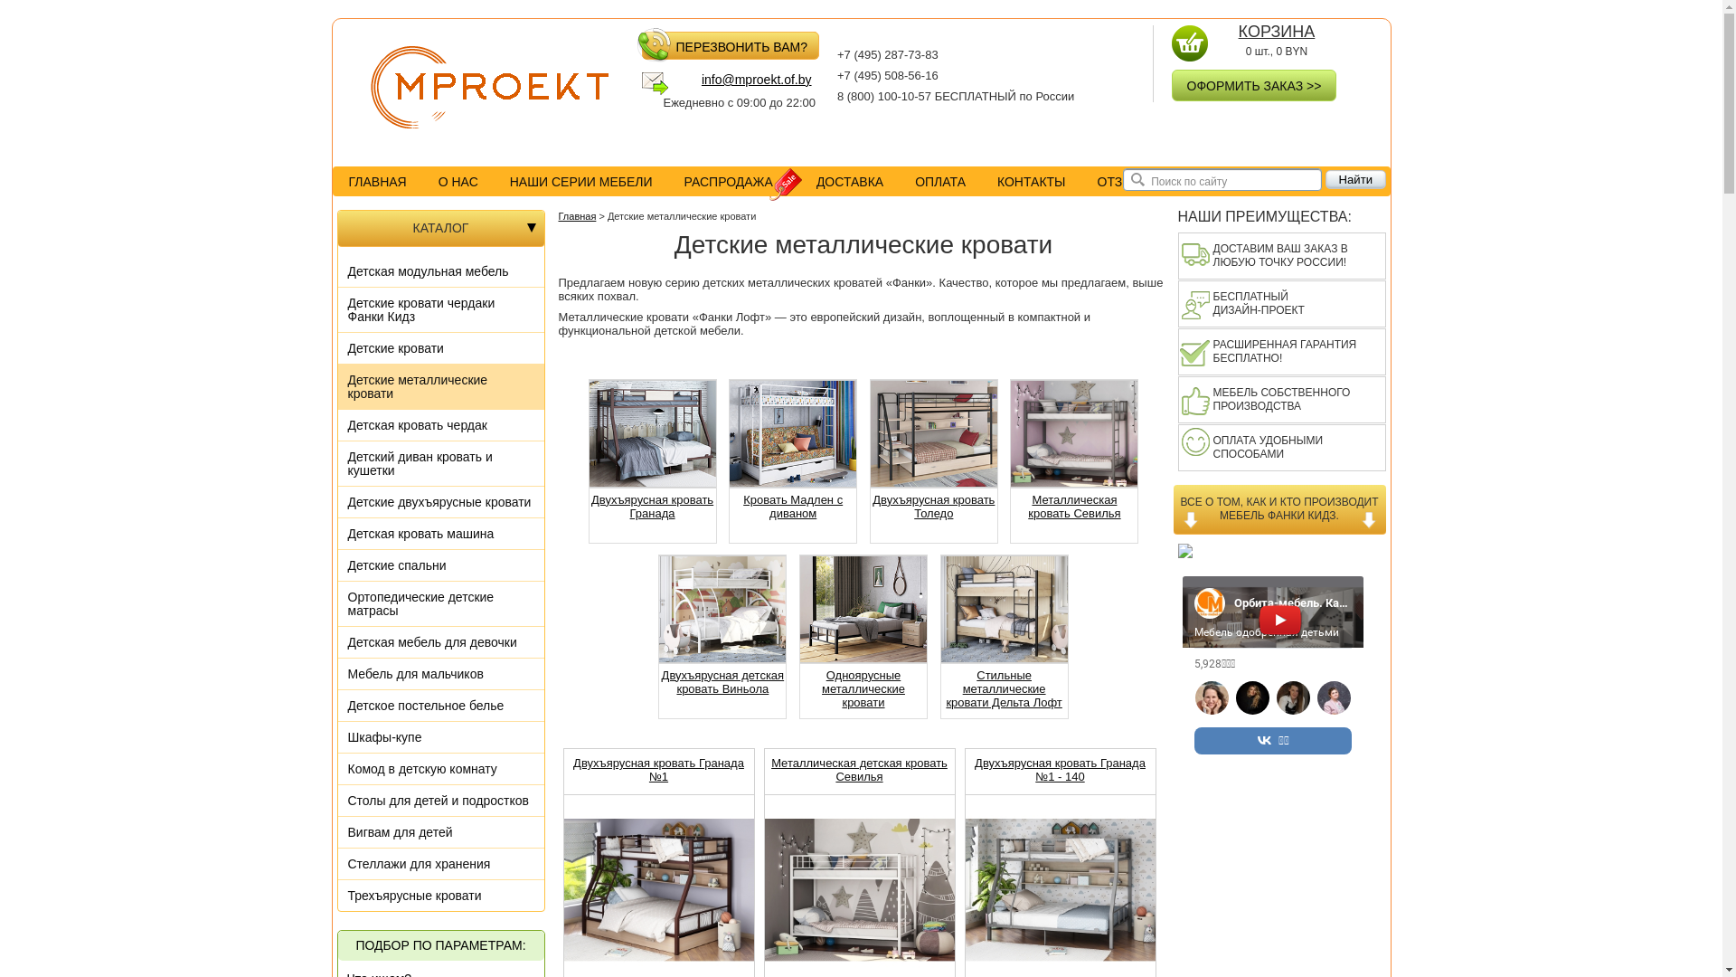 This screenshot has width=1736, height=977. Describe the element at coordinates (739, 83) in the screenshot. I see `'info@mproekt.of.by'` at that location.